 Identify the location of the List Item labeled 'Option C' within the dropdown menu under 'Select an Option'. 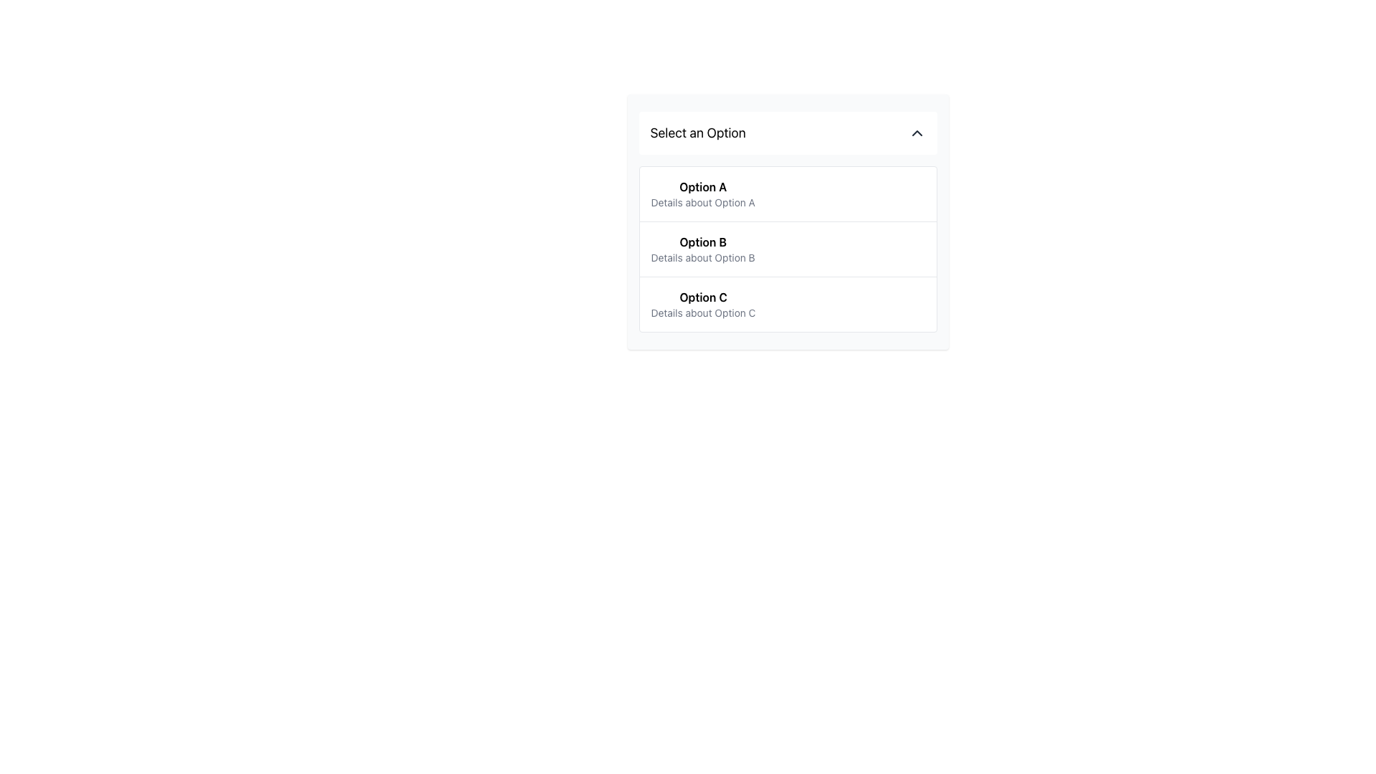
(787, 303).